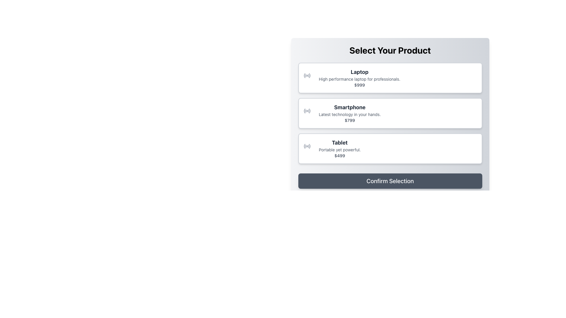  I want to click on the decorative graphical element, which is an arc segment in a circular radio-like symbol, located to the left of the third product entry labeled 'Tablet' in the product selection list, so click(308, 146).